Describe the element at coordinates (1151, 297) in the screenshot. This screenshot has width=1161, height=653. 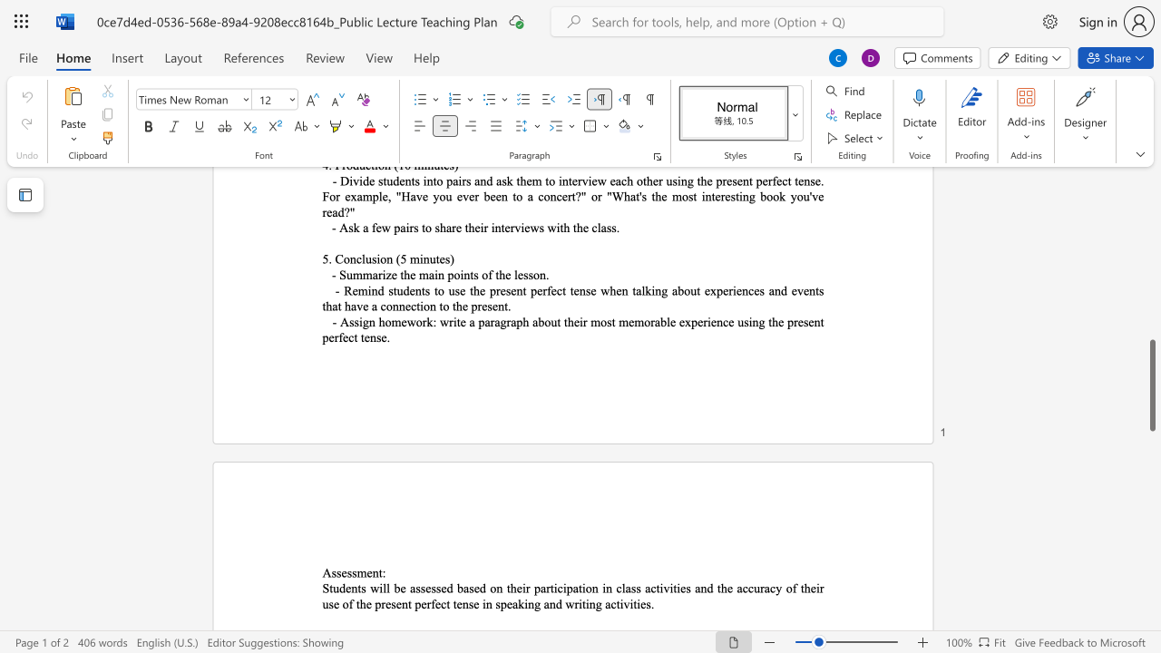
I see `the scrollbar to move the content higher` at that location.